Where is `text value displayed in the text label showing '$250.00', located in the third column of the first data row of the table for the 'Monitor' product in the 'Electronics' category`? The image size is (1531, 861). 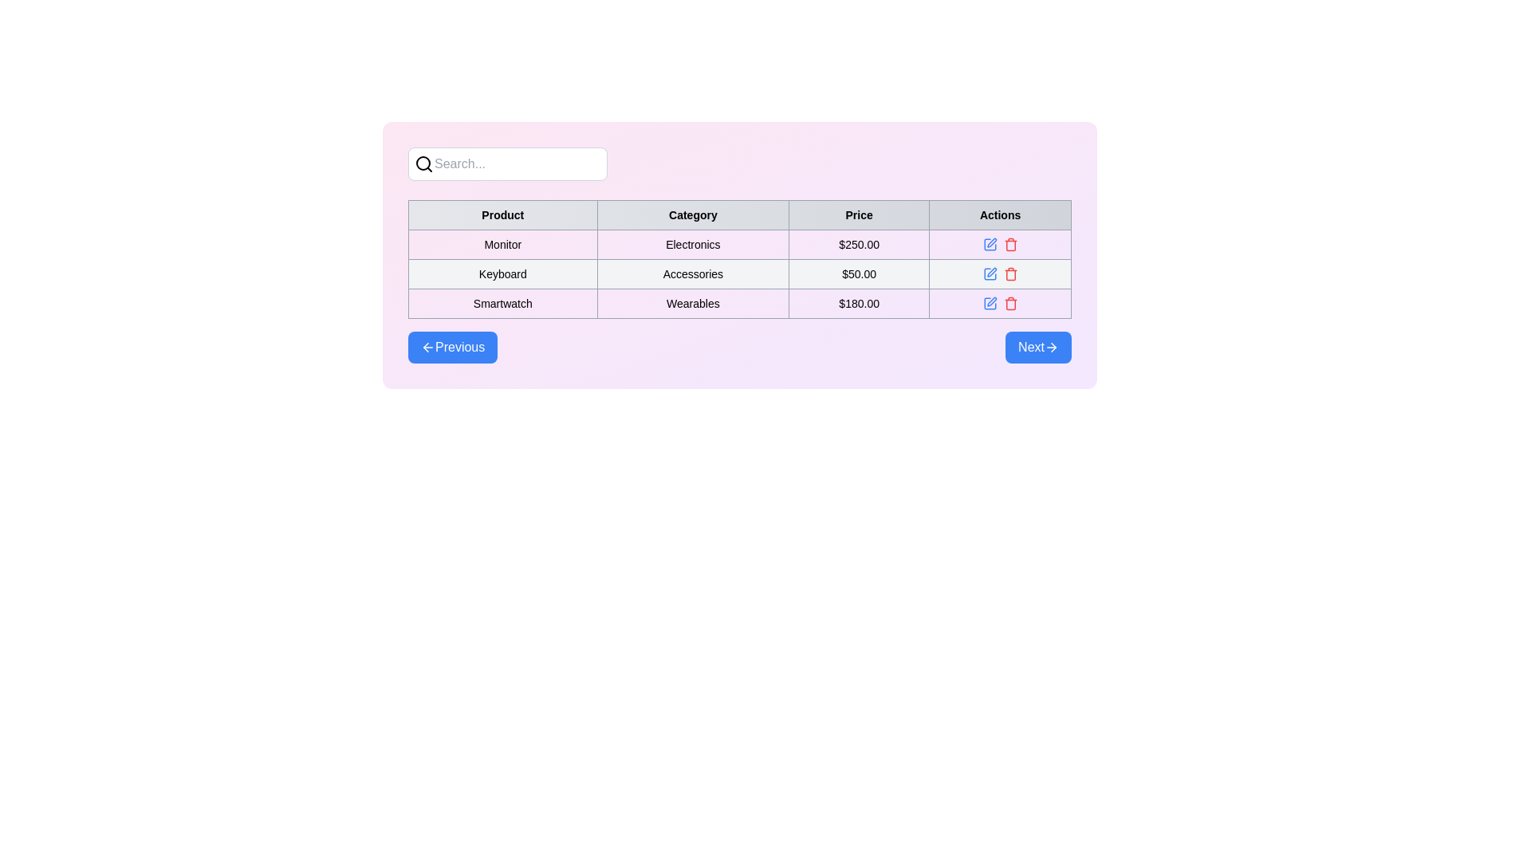 text value displayed in the text label showing '$250.00', located in the third column of the first data row of the table for the 'Monitor' product in the 'Electronics' category is located at coordinates (858, 245).